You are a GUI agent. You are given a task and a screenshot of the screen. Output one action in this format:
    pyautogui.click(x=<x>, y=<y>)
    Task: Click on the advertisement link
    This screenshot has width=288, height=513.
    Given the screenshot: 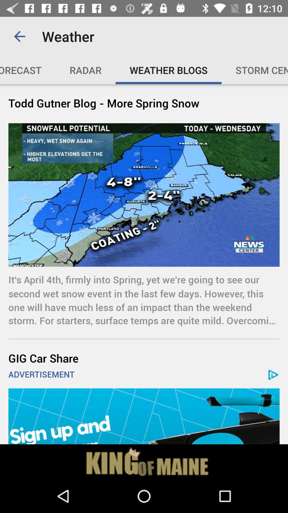 What is the action you would take?
    pyautogui.click(x=144, y=416)
    